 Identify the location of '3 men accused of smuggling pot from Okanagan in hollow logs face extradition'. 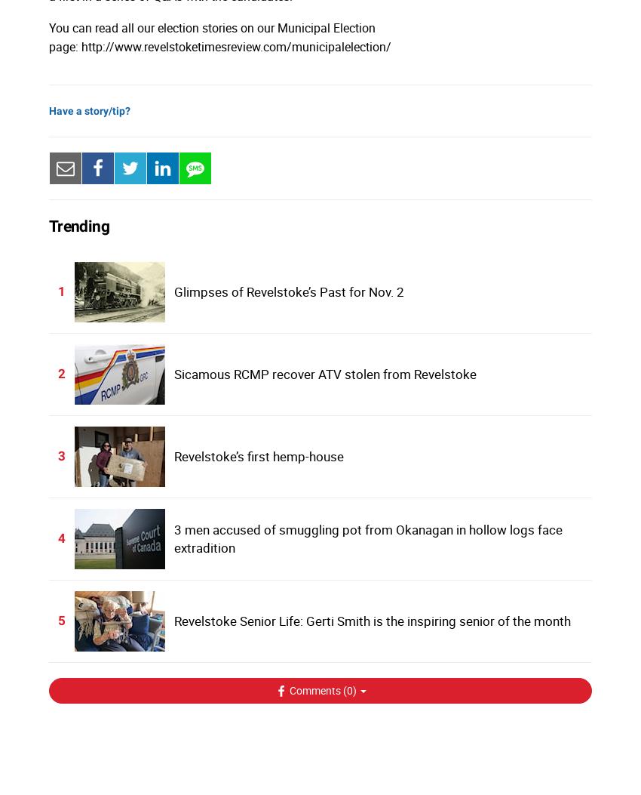
(367, 538).